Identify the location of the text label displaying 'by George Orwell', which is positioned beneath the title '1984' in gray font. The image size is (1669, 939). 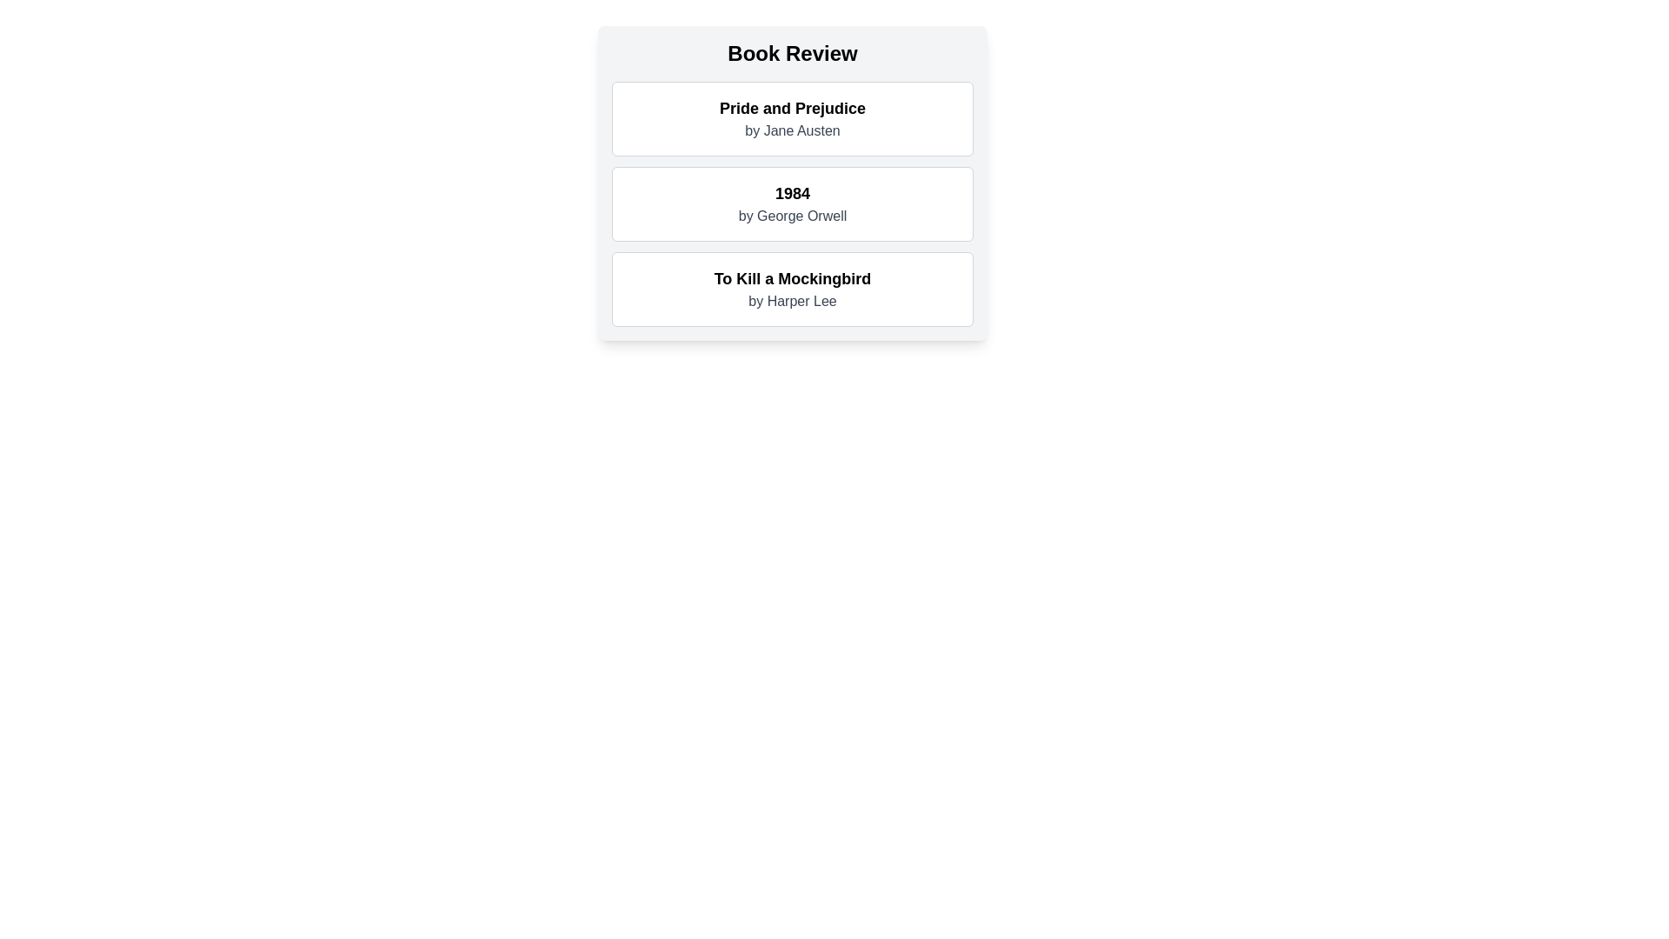
(792, 216).